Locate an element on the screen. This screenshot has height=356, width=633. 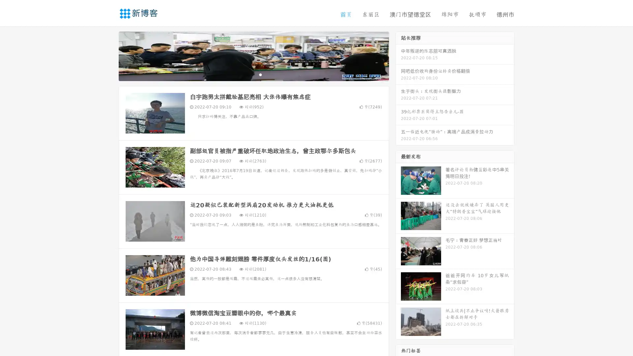
Next slide is located at coordinates (398, 55).